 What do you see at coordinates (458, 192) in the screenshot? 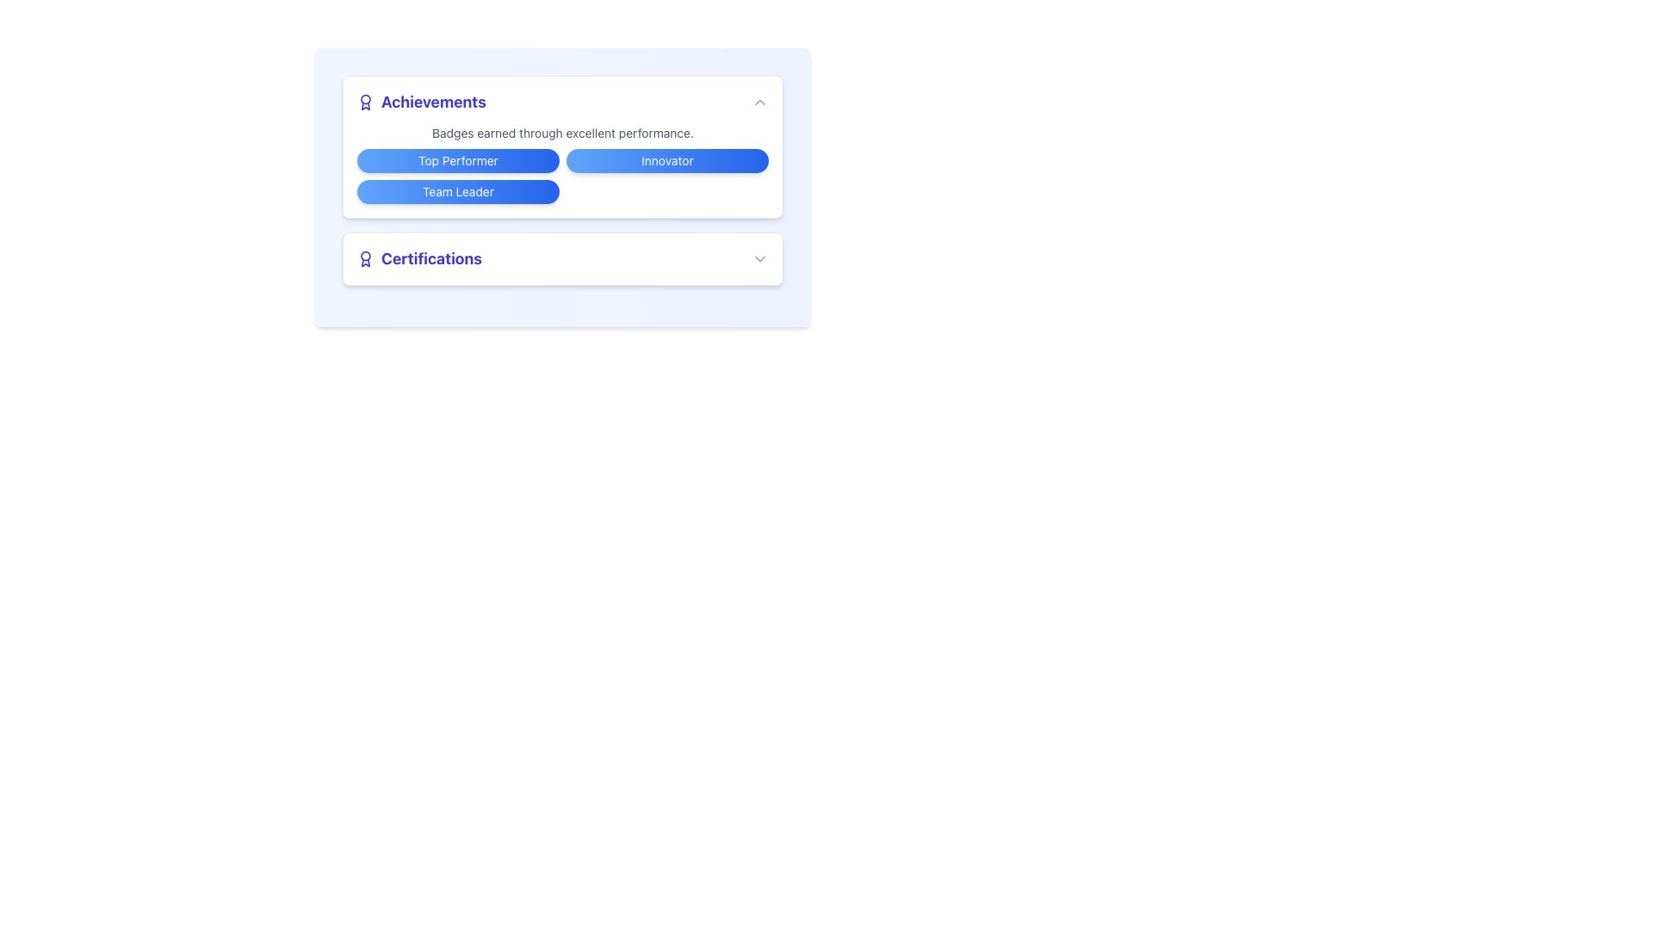
I see `the 'Team Leader' badge in the Achievements section, which has a white text on a blue gradient background and is the third badge in the grid` at bounding box center [458, 192].